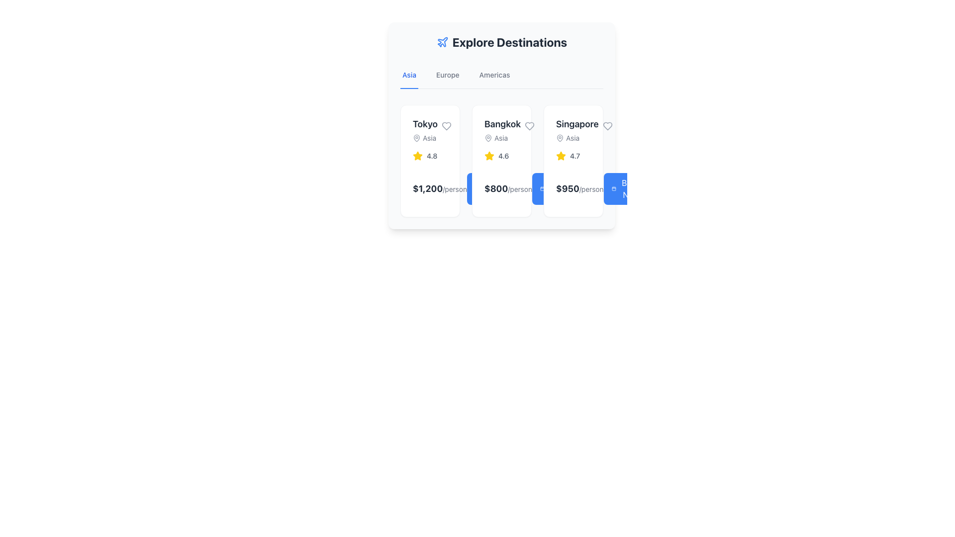  Describe the element at coordinates (447, 75) in the screenshot. I see `the 'Europe' tab navigation label to bring it into keyboard navigation focus` at that location.